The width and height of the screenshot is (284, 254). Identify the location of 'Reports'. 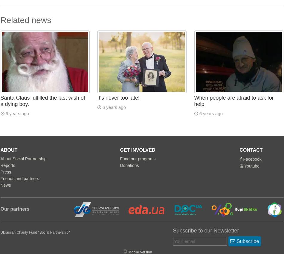
(7, 165).